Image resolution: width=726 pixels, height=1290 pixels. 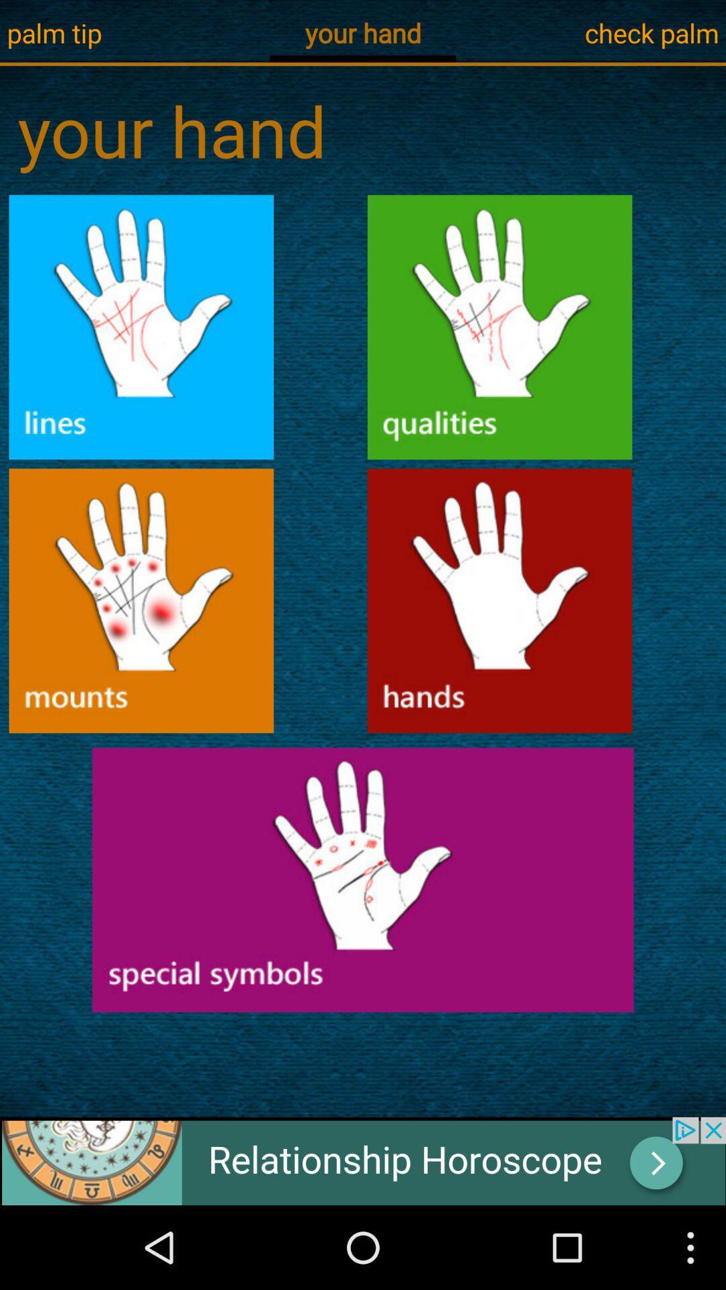 I want to click on horoscope mos, so click(x=363, y=879).